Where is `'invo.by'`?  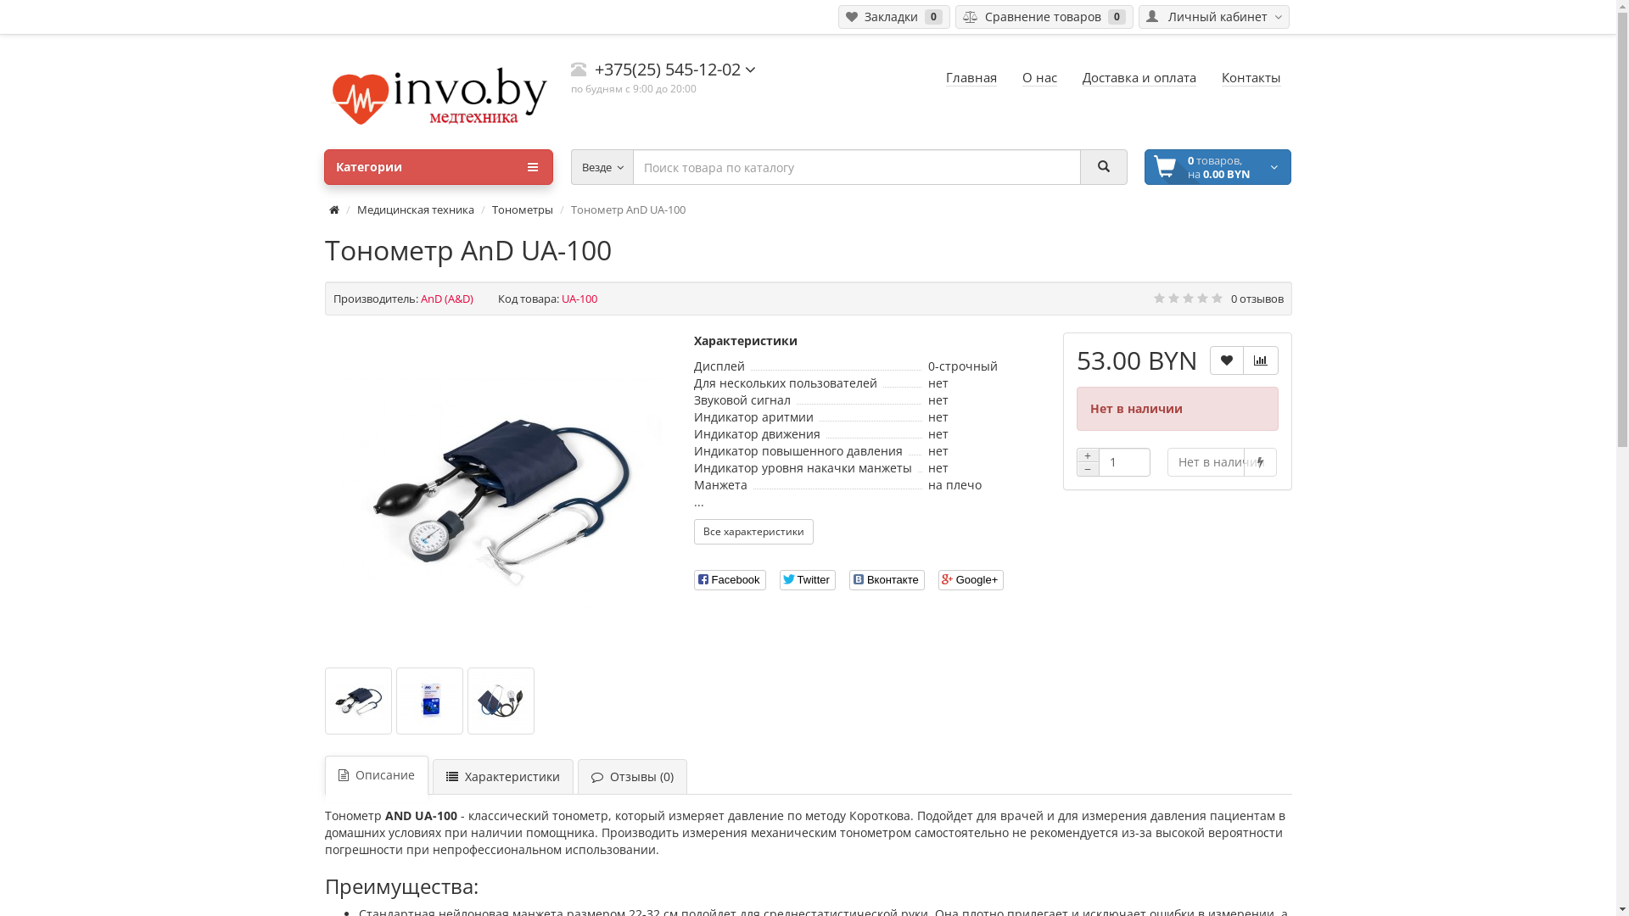
'invo.by' is located at coordinates (439, 92).